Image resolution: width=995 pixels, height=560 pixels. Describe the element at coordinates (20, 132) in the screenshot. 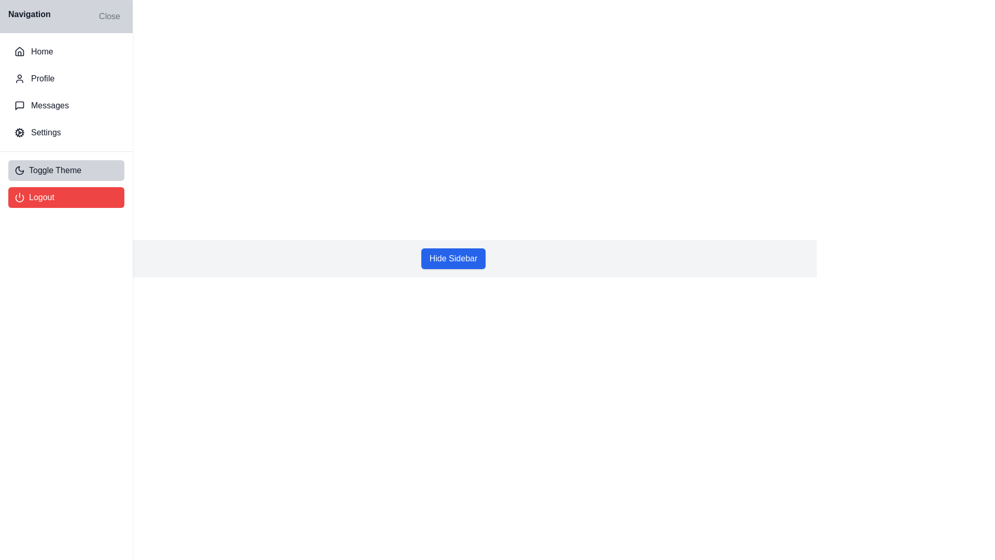

I see `the outermost circular shape of the gear icon in the settings menu list item located in the left sidebar` at that location.